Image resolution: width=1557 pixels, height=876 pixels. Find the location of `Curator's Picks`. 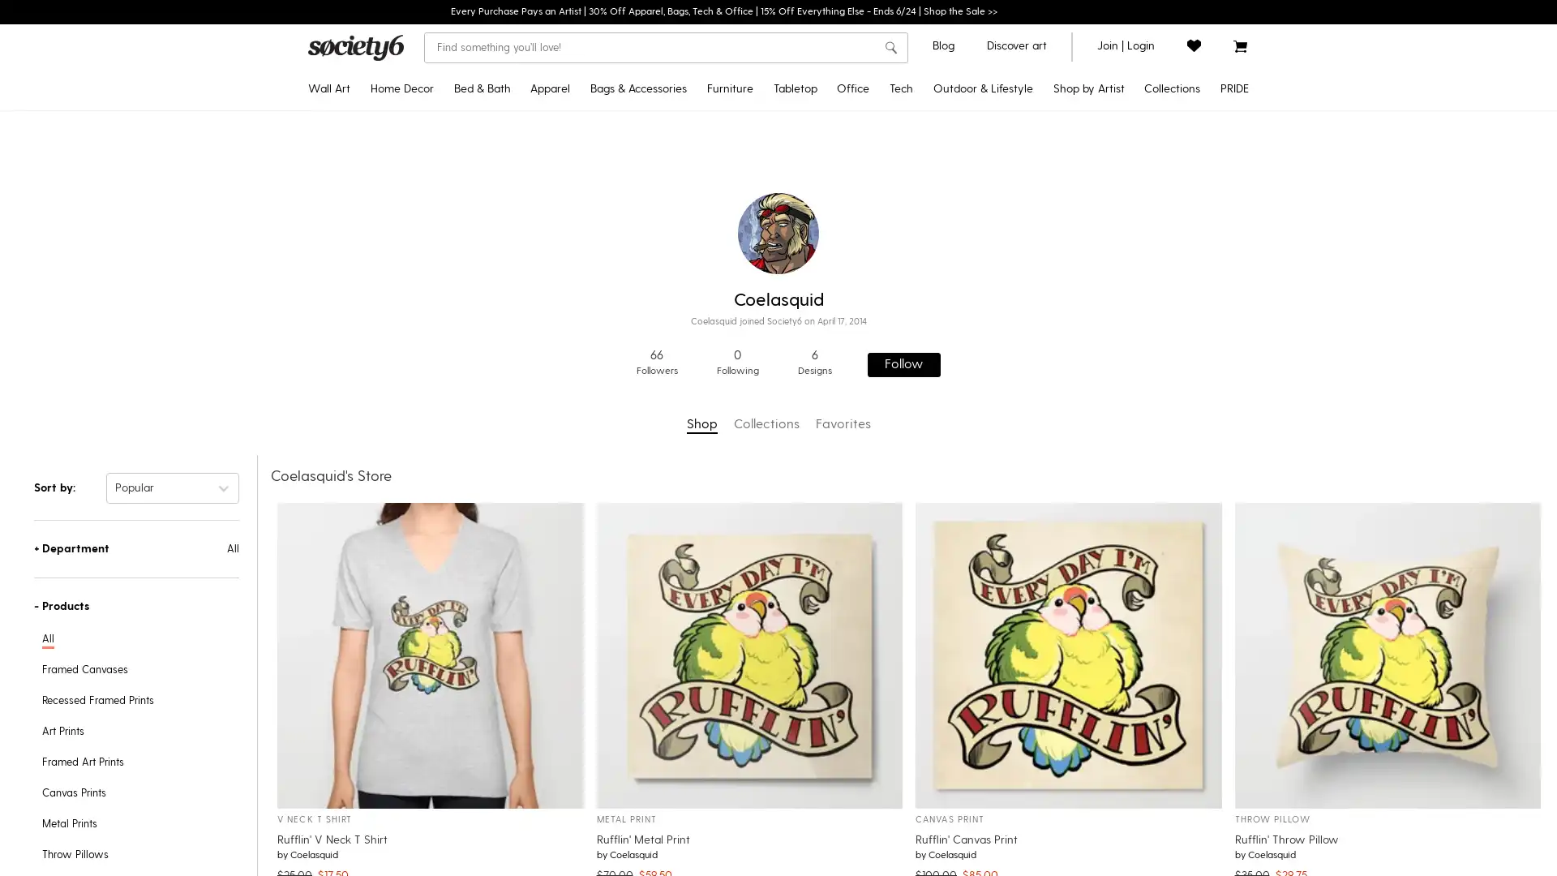

Curator's Picks is located at coordinates (1044, 391).